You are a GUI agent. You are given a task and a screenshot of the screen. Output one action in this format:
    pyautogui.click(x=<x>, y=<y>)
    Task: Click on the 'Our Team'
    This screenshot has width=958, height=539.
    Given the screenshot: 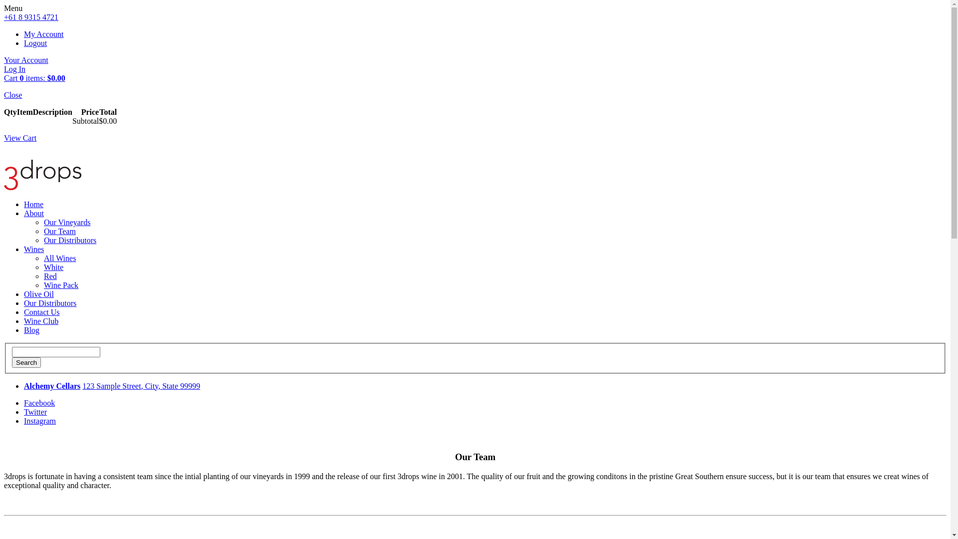 What is the action you would take?
    pyautogui.click(x=59, y=231)
    